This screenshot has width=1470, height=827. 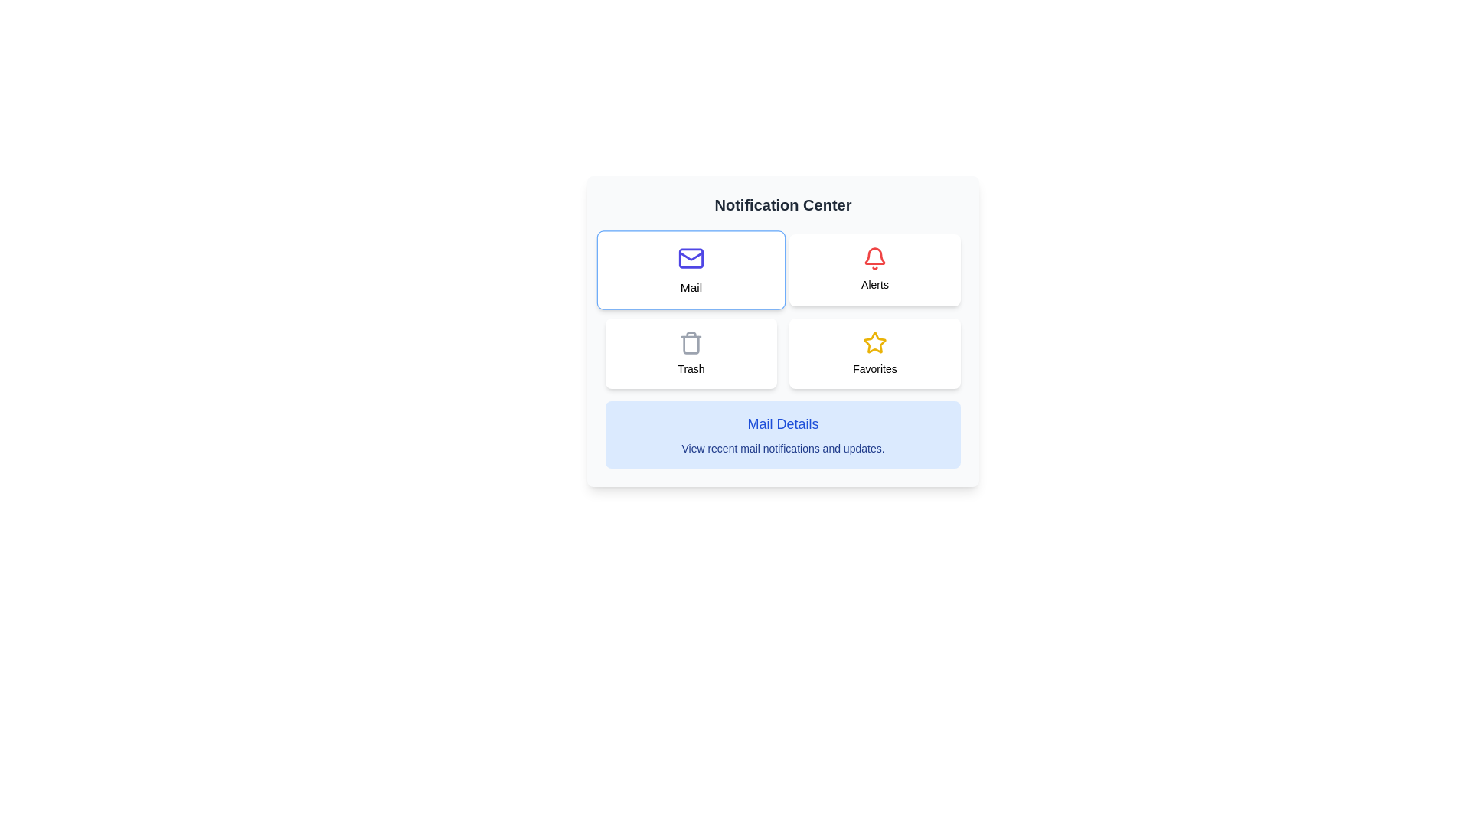 What do you see at coordinates (782, 424) in the screenshot?
I see `the text label that serves as a header for the mail details section in the blue-bordered panel of the 'Notification Center' interface` at bounding box center [782, 424].